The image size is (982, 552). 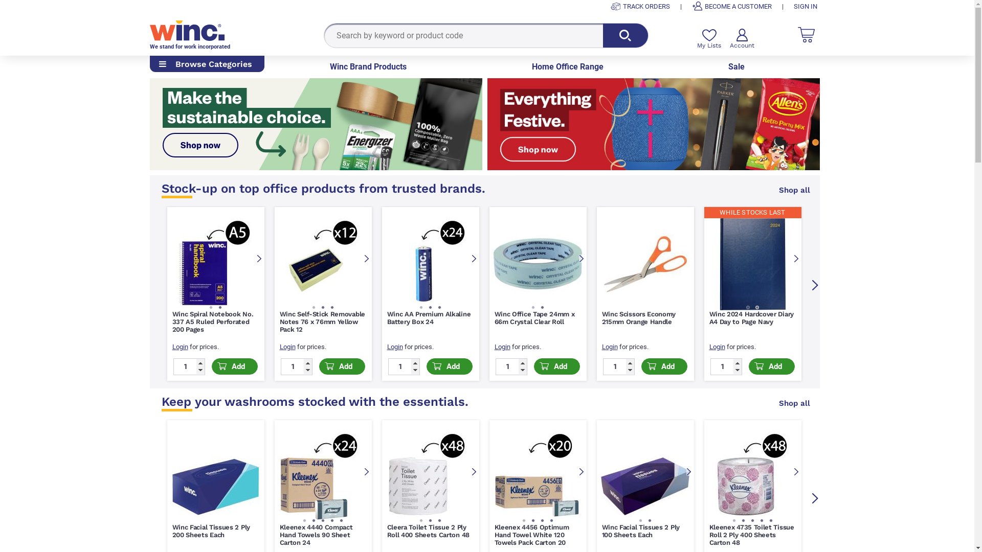 What do you see at coordinates (386, 530) in the screenshot?
I see `'Cleera Toilet Tissue 2 Ply Roll 400 Sheets Carton 48'` at bounding box center [386, 530].